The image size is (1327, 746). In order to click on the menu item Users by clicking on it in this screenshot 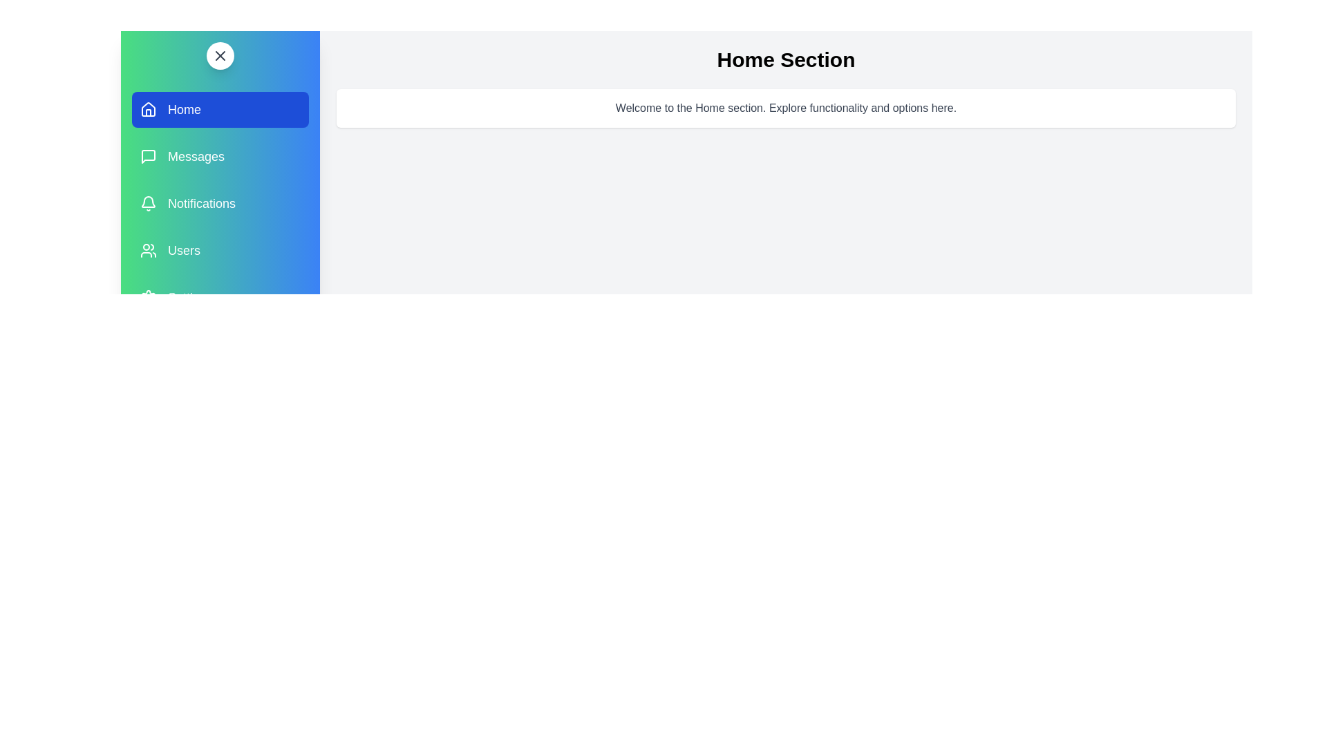, I will do `click(219, 250)`.